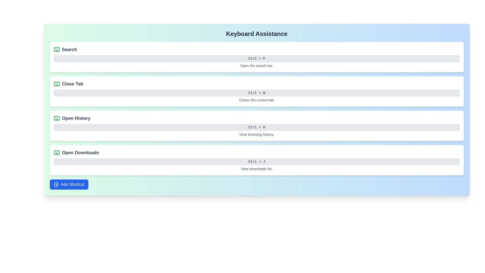 This screenshot has width=485, height=273. I want to click on the inner rounded rectangle of the keyboard icon, which serves as the main body or buttons of the keyboard, so click(57, 83).